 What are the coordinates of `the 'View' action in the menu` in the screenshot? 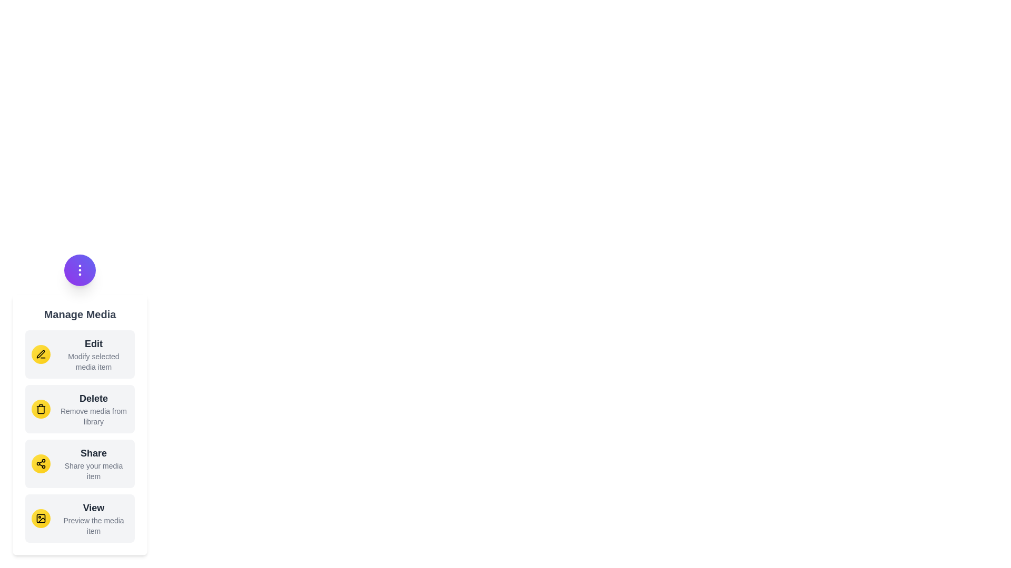 It's located at (93, 518).